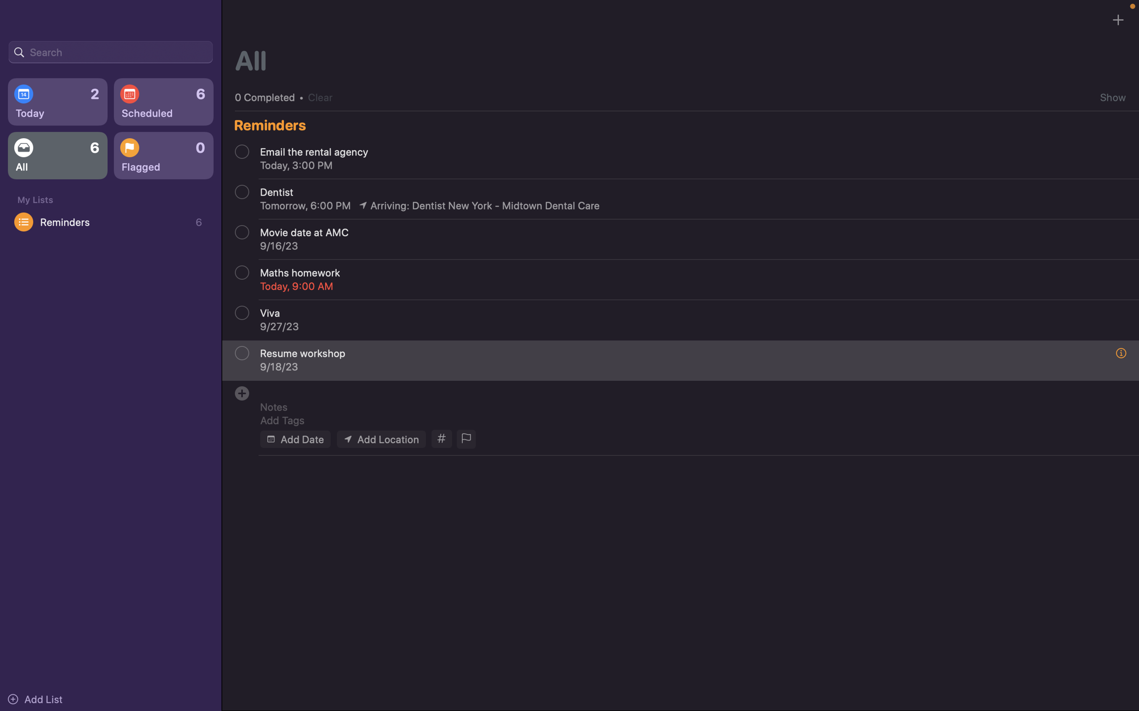 This screenshot has height=711, width=1139. Describe the element at coordinates (380, 438) in the screenshot. I see `Update the place of the event to be "Mellon Institute` at that location.